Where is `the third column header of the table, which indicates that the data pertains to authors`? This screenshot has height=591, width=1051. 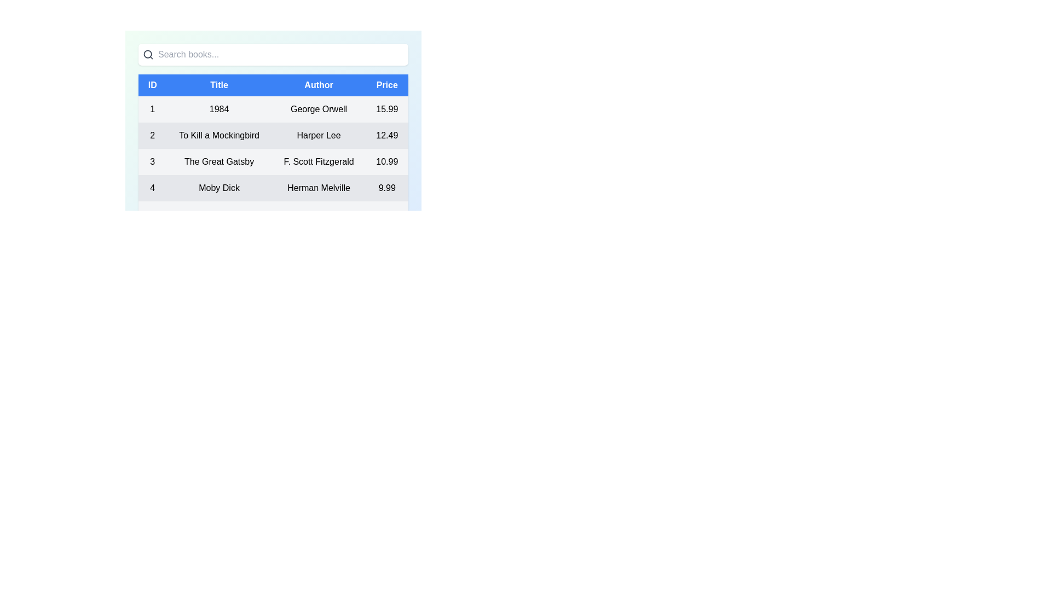
the third column header of the table, which indicates that the data pertains to authors is located at coordinates (318, 84).